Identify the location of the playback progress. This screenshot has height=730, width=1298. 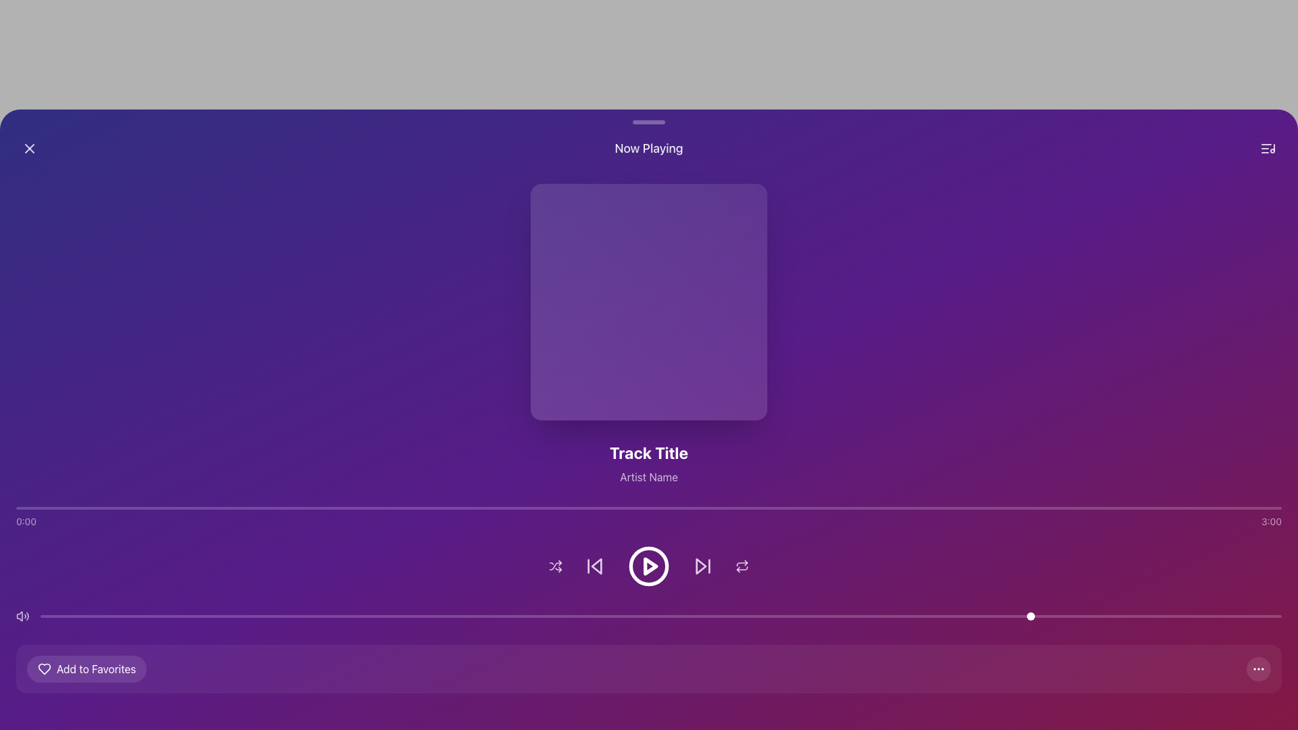
(1028, 508).